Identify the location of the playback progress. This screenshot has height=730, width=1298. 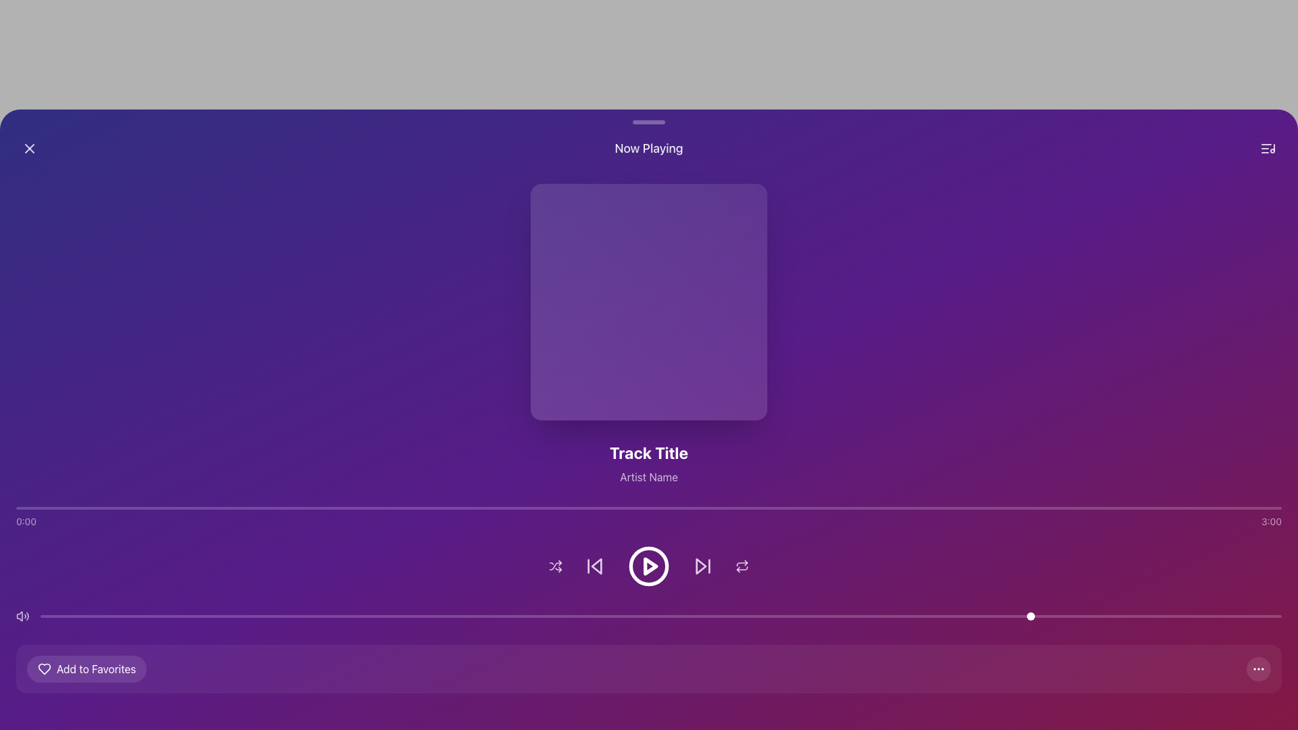
(1028, 508).